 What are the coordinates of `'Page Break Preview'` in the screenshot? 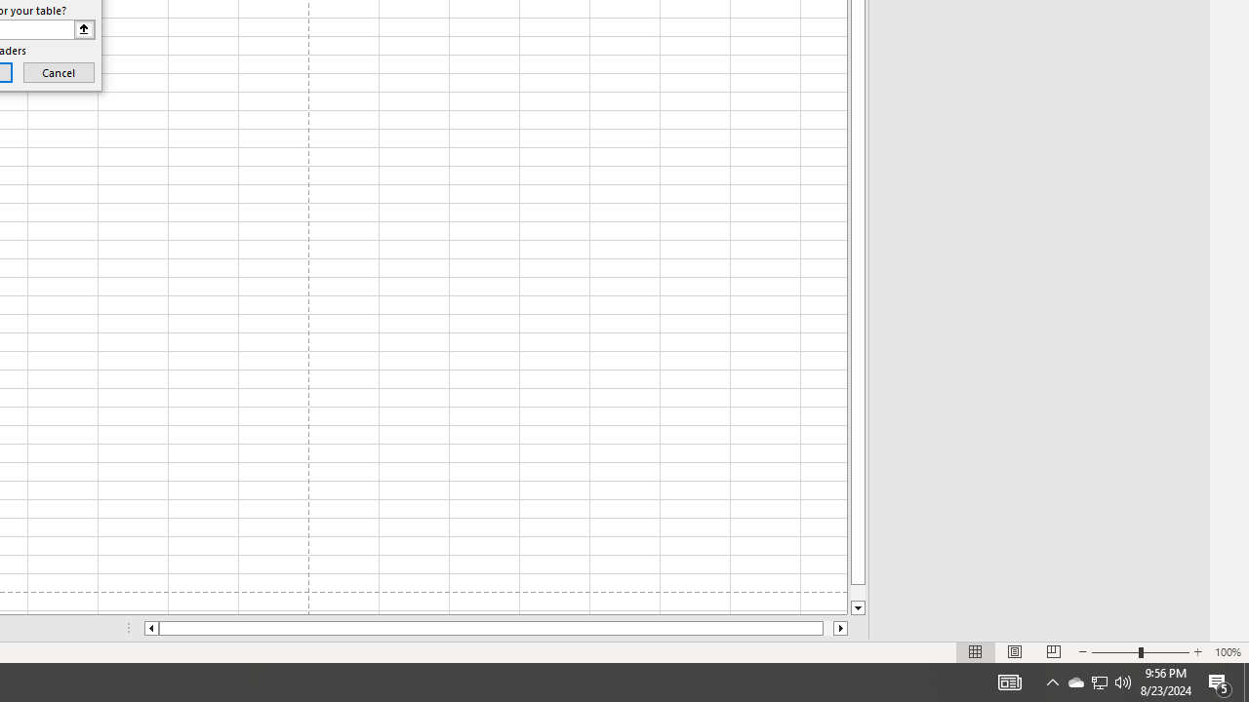 It's located at (1052, 652).